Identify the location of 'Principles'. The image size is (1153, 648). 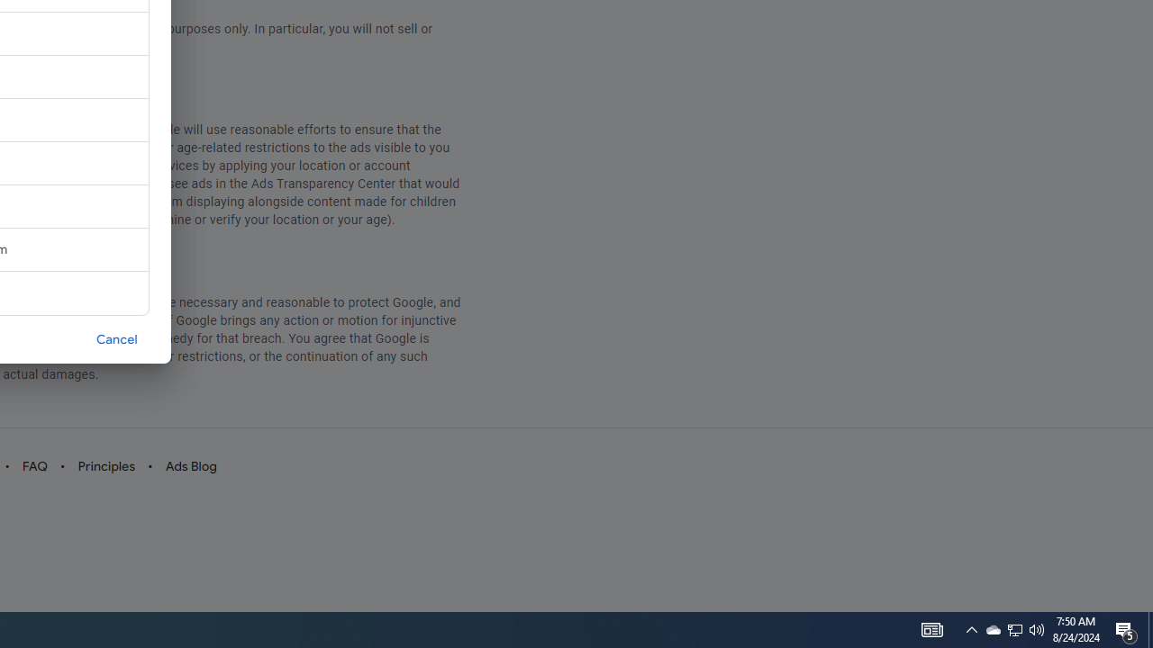
(104, 465).